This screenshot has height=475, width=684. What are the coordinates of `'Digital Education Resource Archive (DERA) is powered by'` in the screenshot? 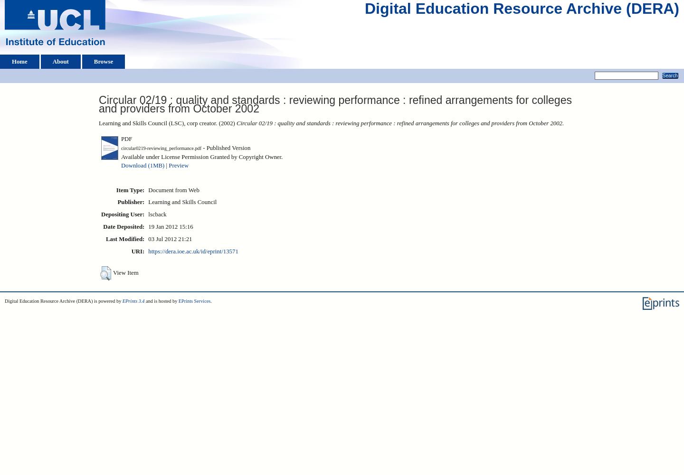 It's located at (63, 300).